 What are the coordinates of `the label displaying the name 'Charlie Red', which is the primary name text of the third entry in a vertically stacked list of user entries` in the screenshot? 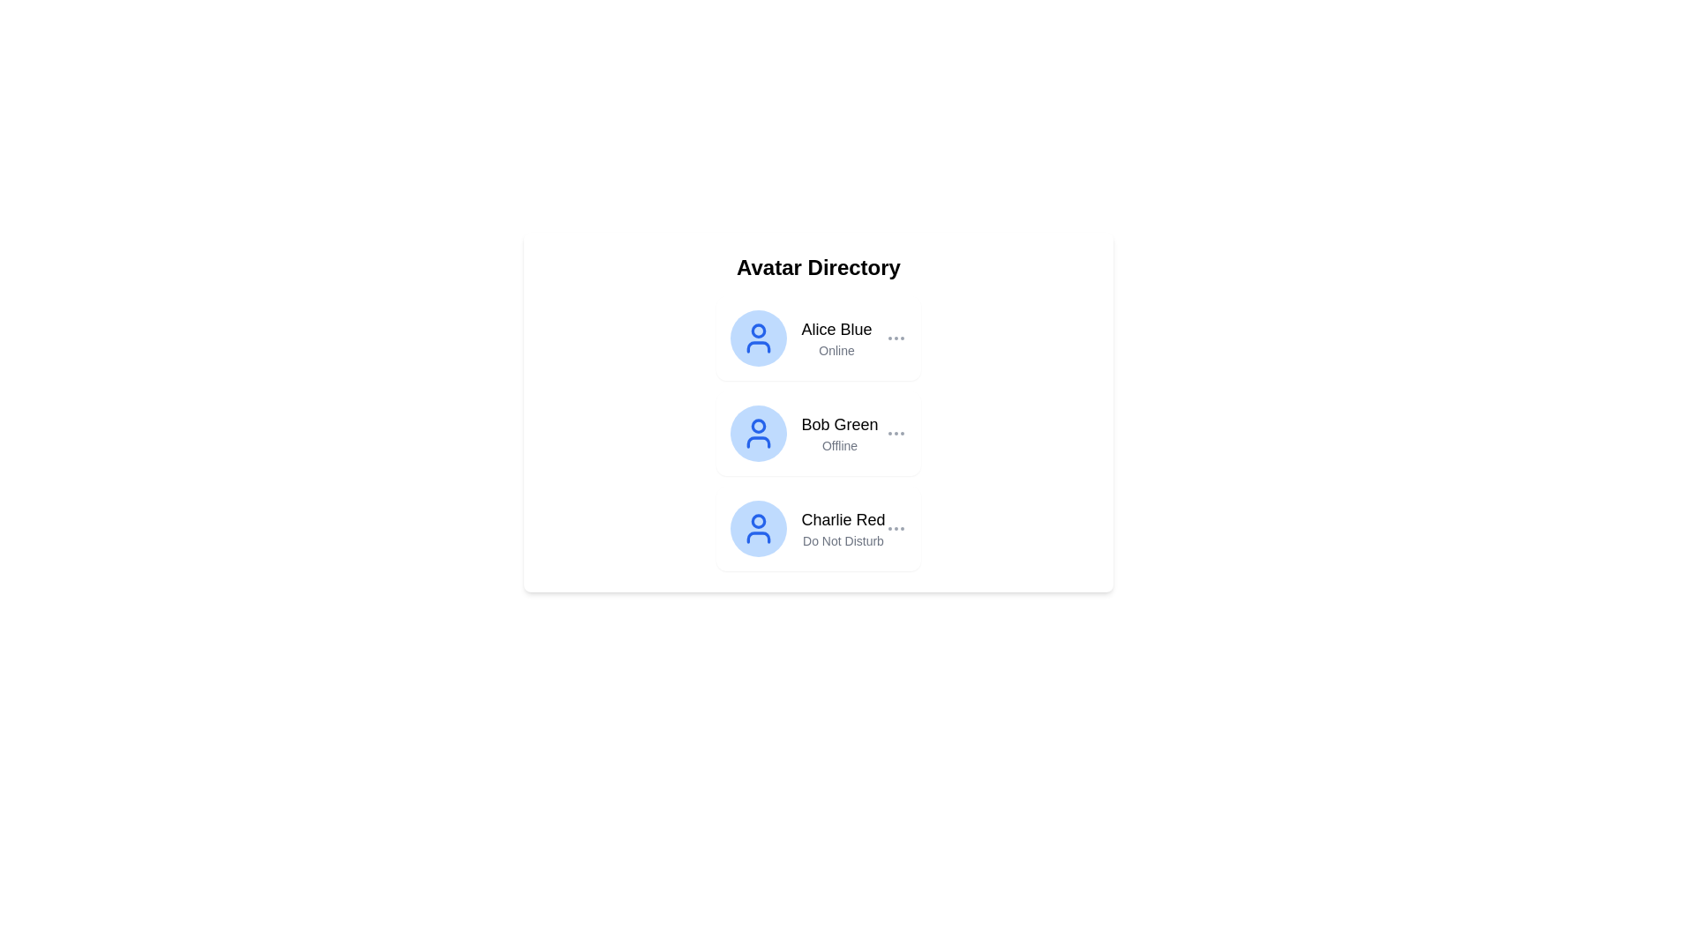 It's located at (842, 519).